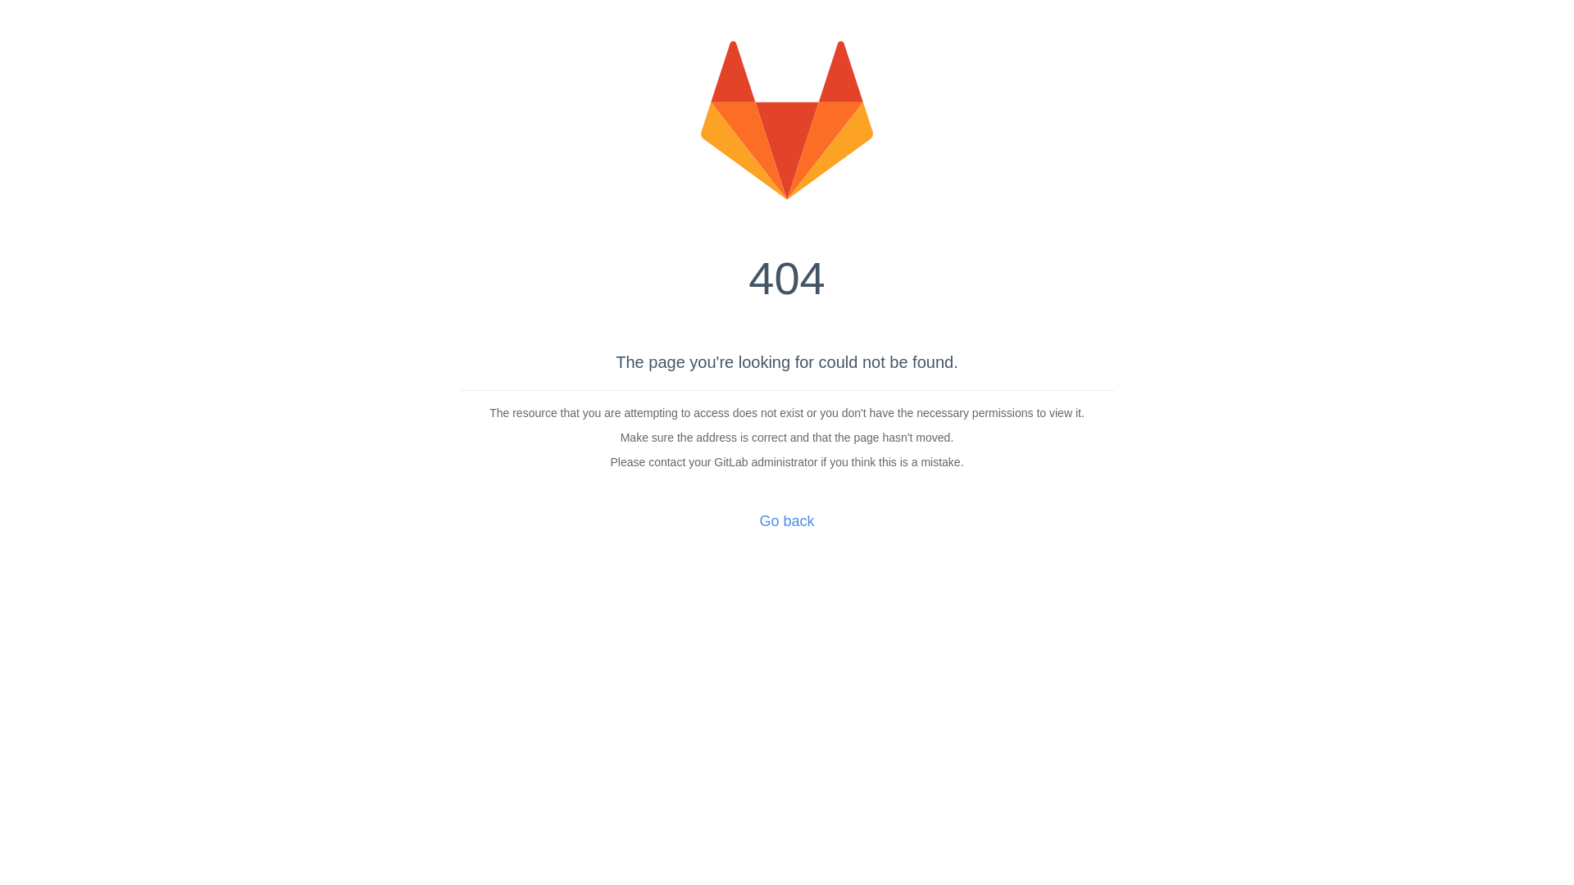  Describe the element at coordinates (785, 521) in the screenshot. I see `'Go back'` at that location.